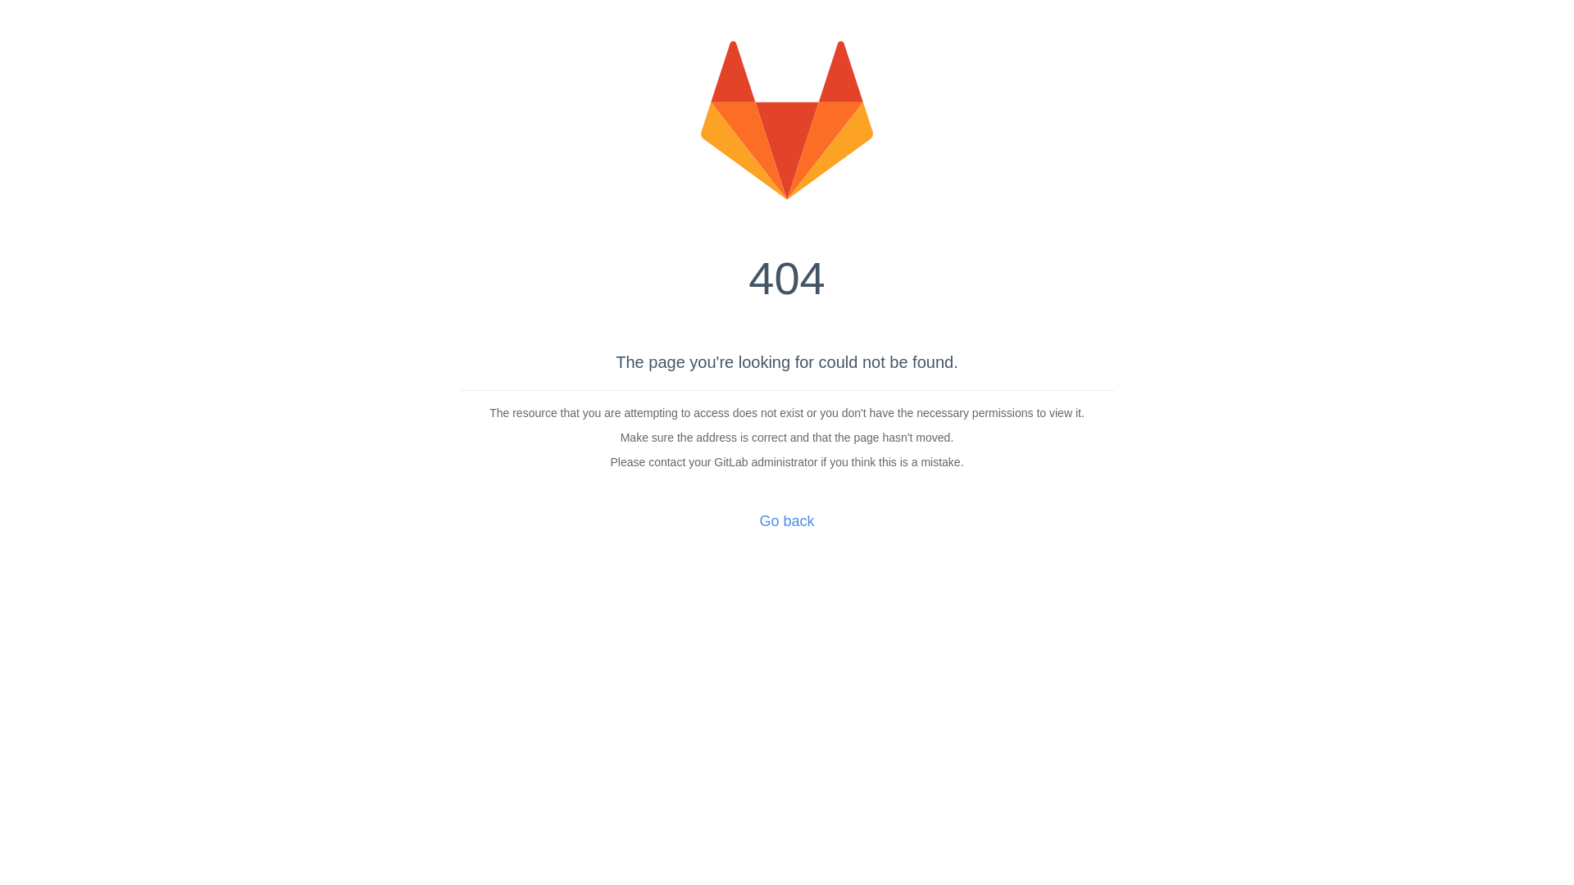  Describe the element at coordinates (785, 521) in the screenshot. I see `'Go back'` at that location.